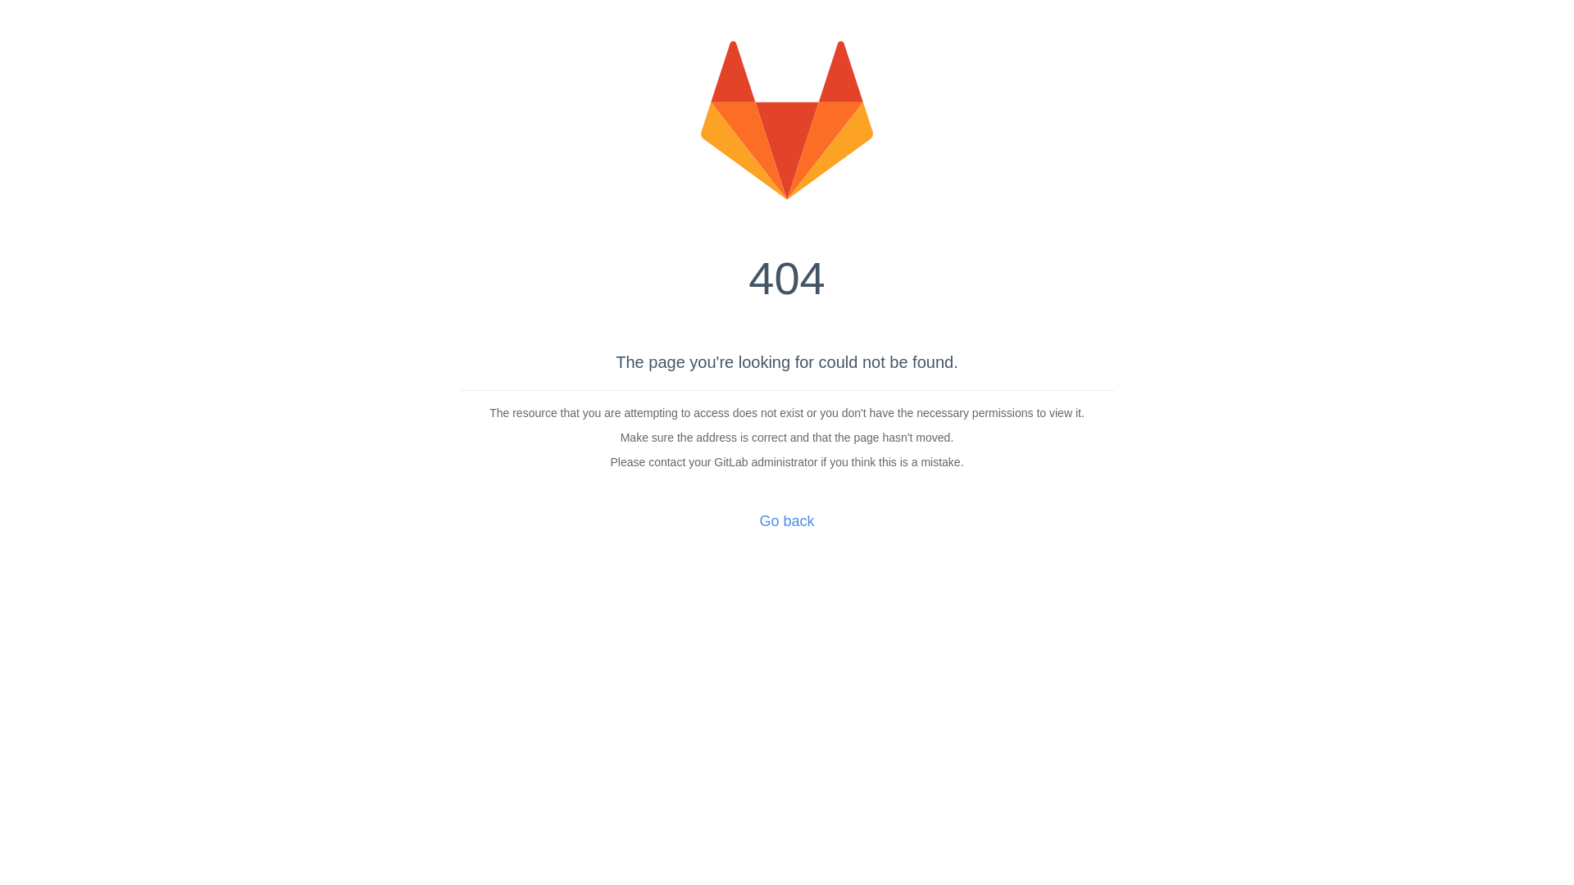  Describe the element at coordinates (785, 521) in the screenshot. I see `'Go back'` at that location.